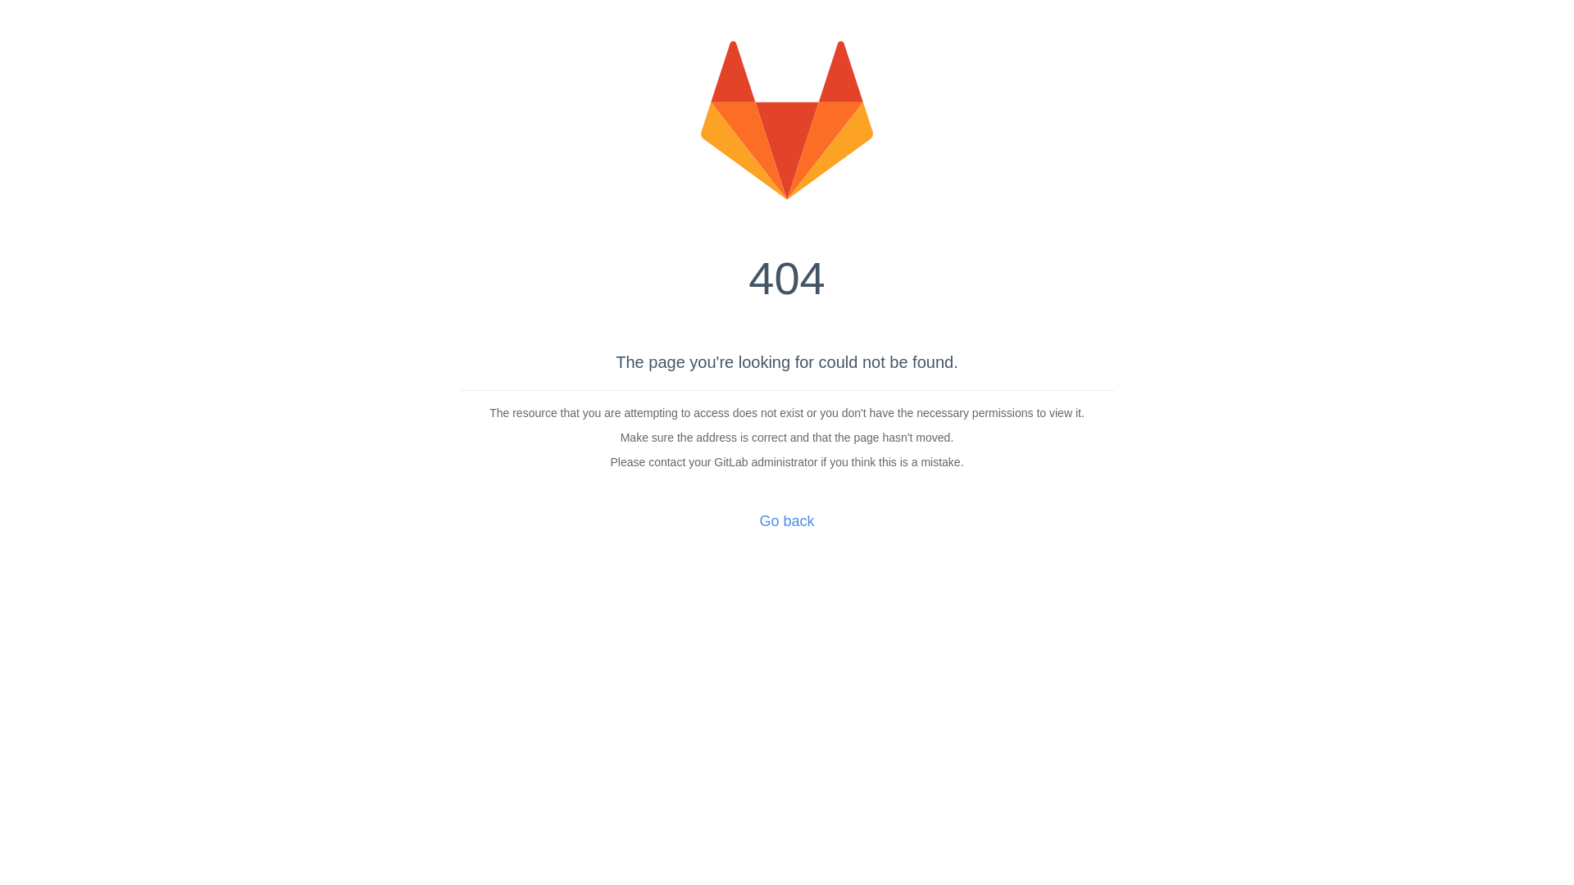  Describe the element at coordinates (785, 521) in the screenshot. I see `'Go back'` at that location.